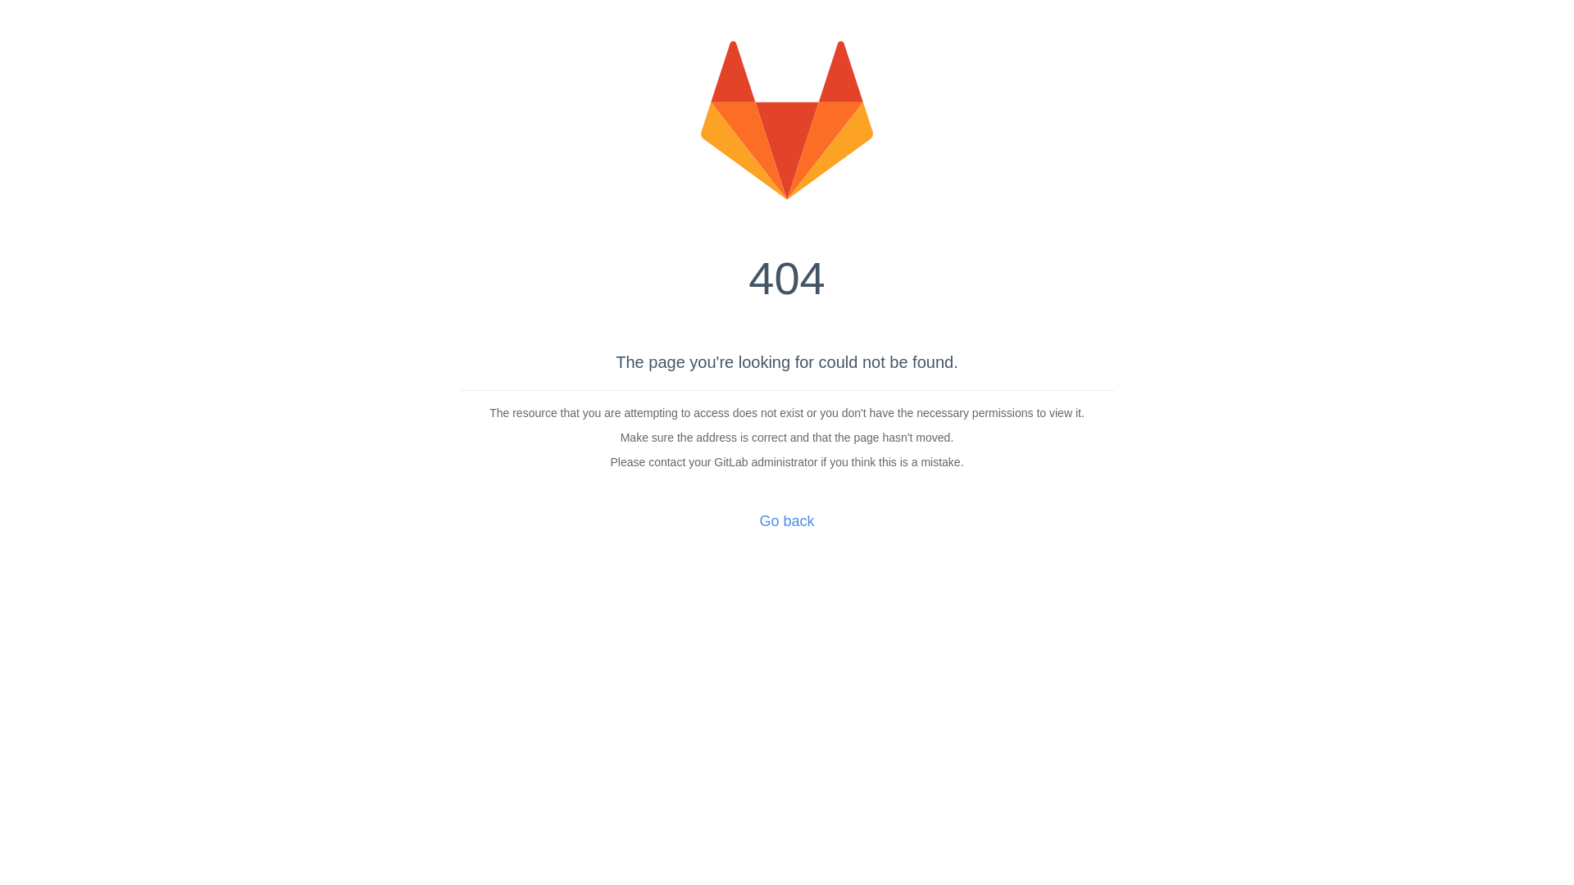  Describe the element at coordinates (785, 521) in the screenshot. I see `'Go back'` at that location.